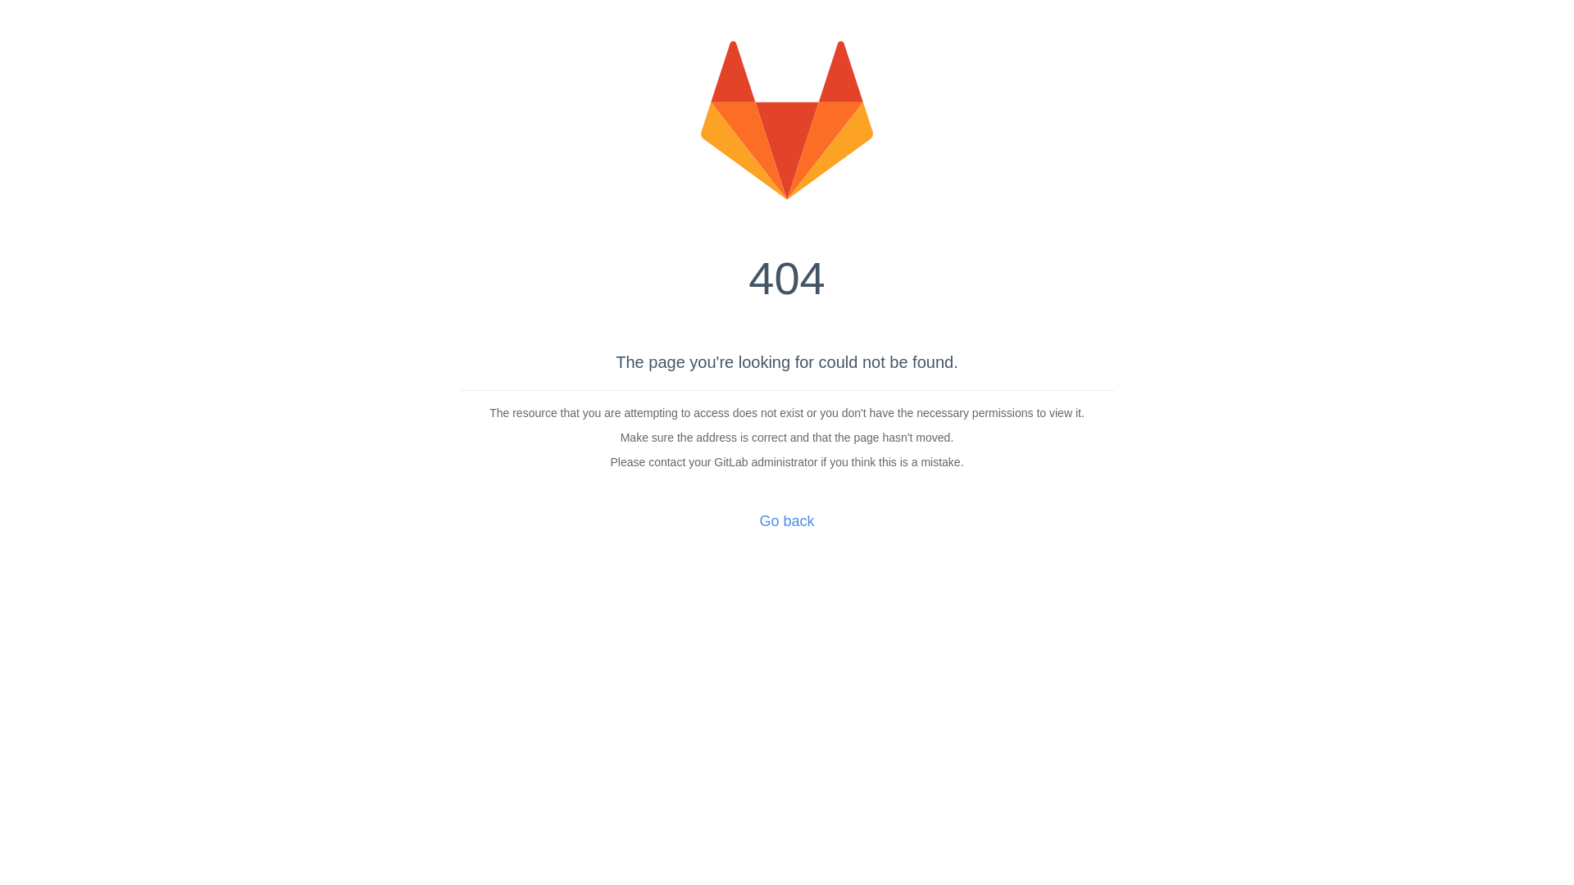  Describe the element at coordinates (785, 521) in the screenshot. I see `'Go back'` at that location.